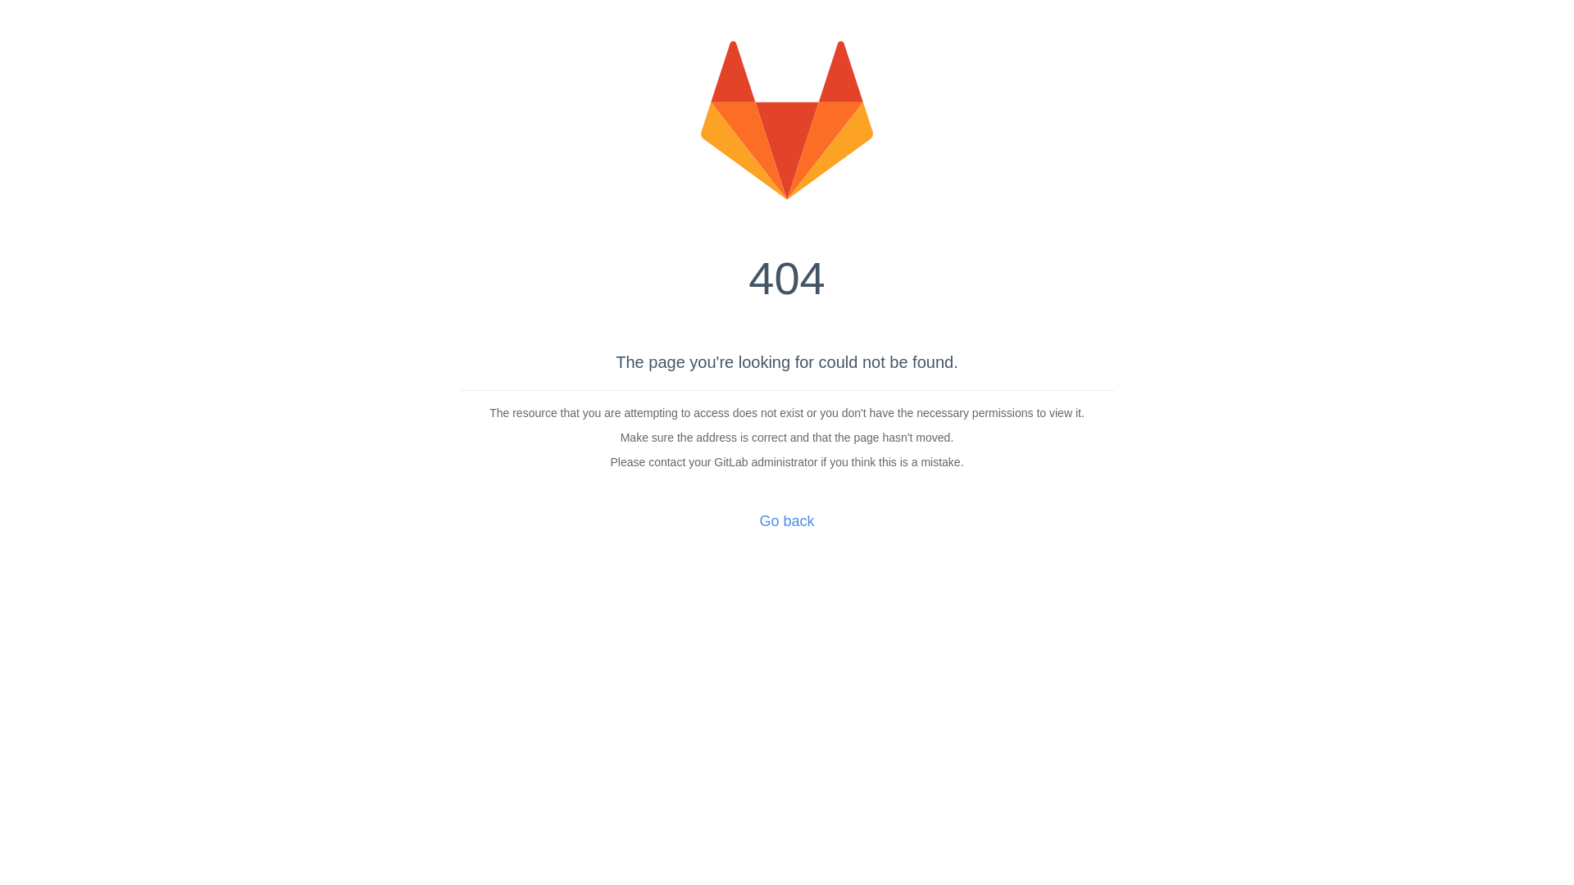  Describe the element at coordinates (785, 521) in the screenshot. I see `'Go back'` at that location.